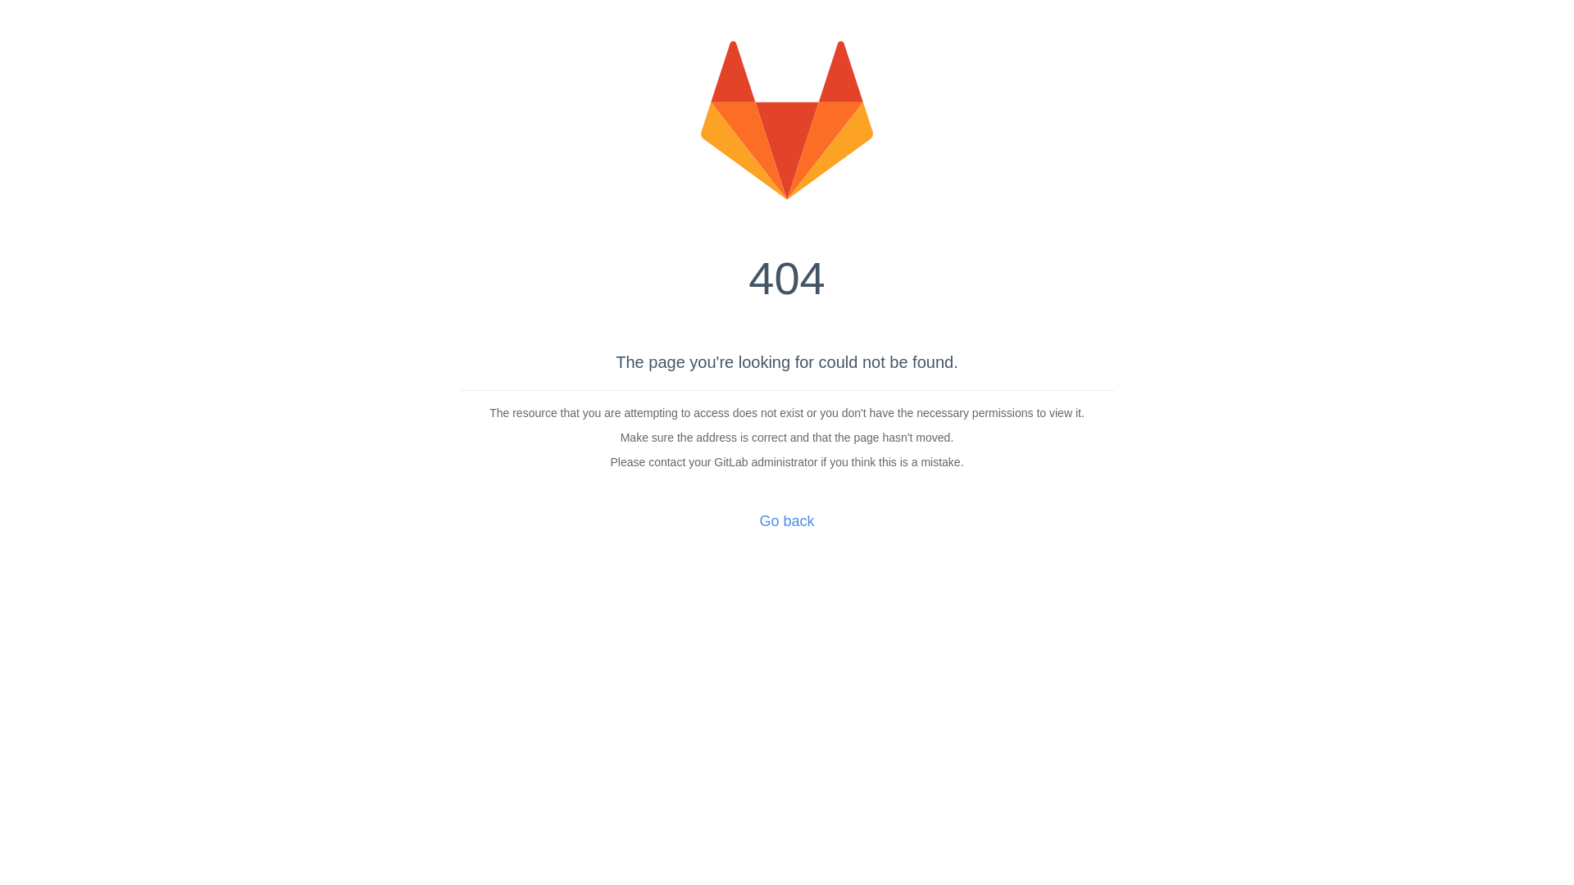  Describe the element at coordinates (785, 521) in the screenshot. I see `'Go back'` at that location.